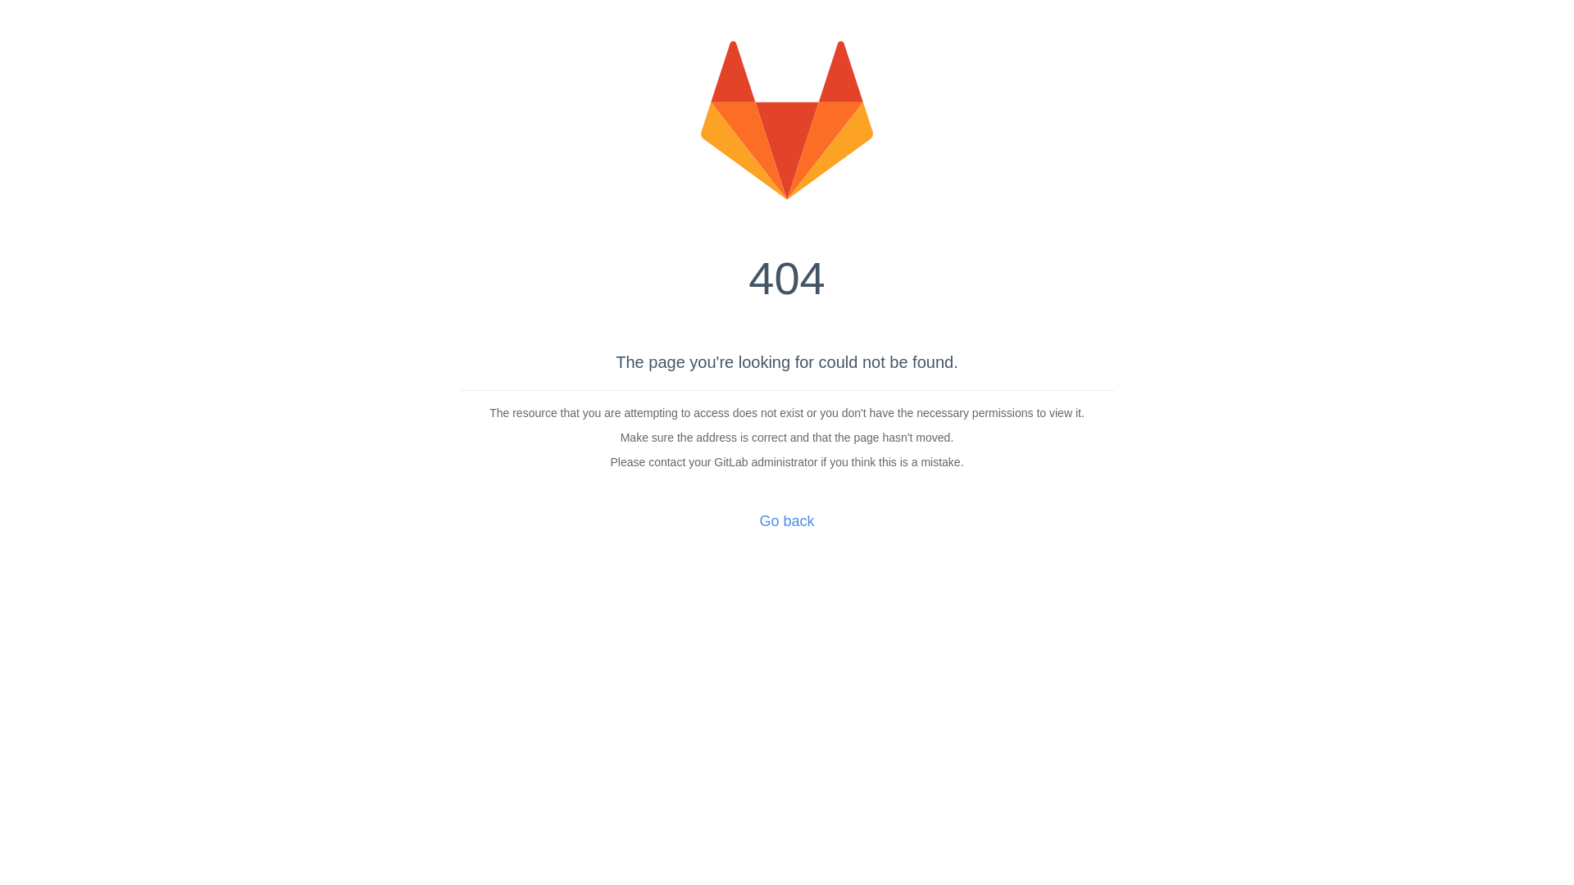  Describe the element at coordinates (785, 521) in the screenshot. I see `'Go back'` at that location.